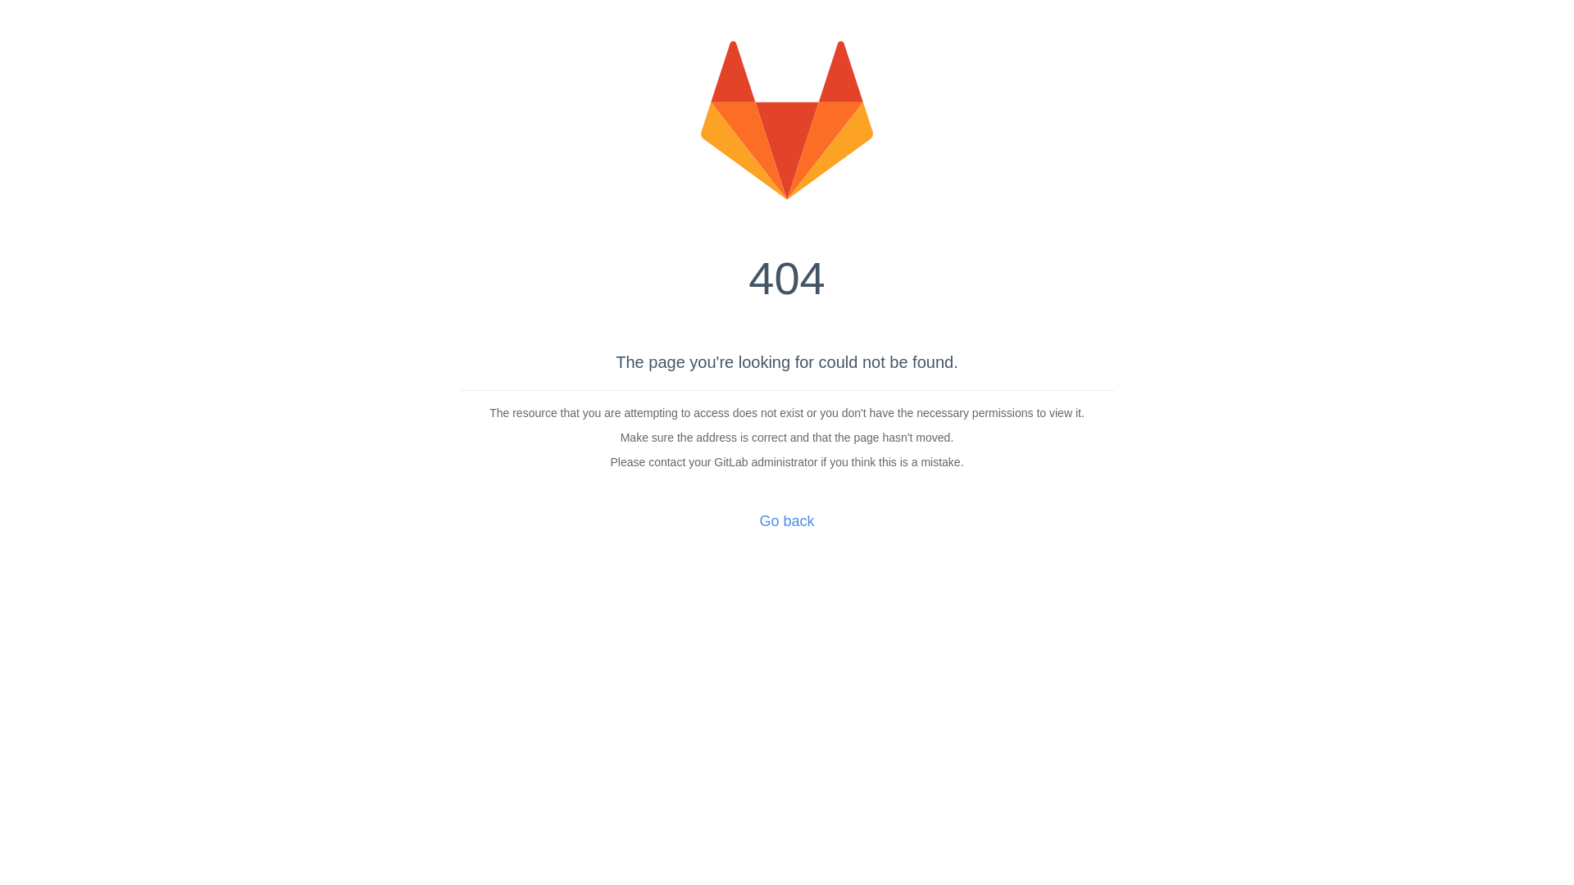  Describe the element at coordinates (785, 521) in the screenshot. I see `'Go back'` at that location.